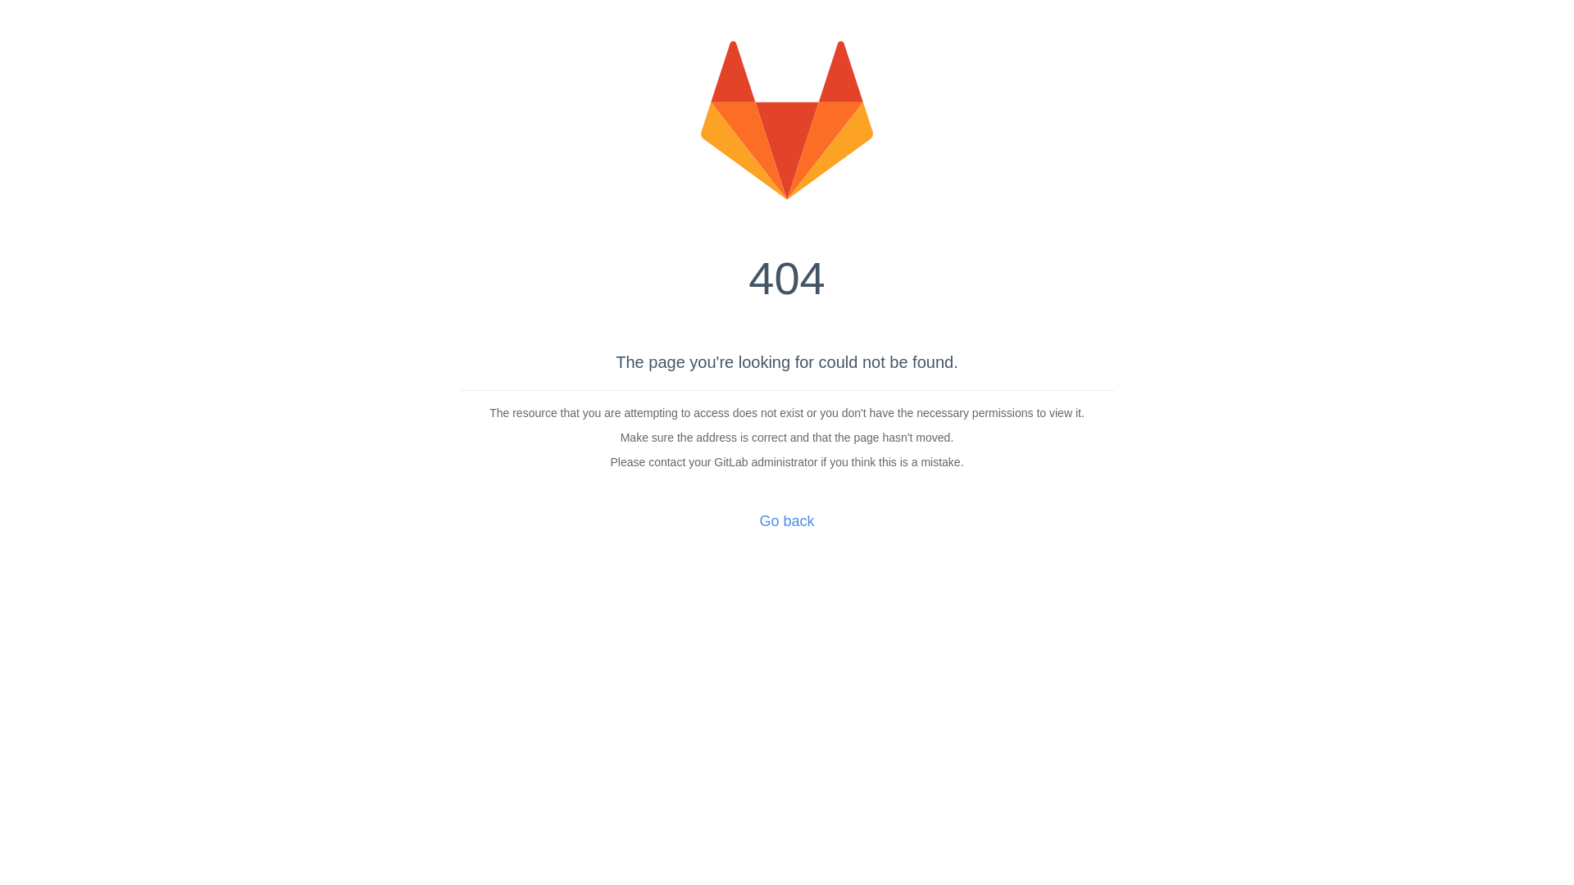  Describe the element at coordinates (785, 521) in the screenshot. I see `'Go back'` at that location.